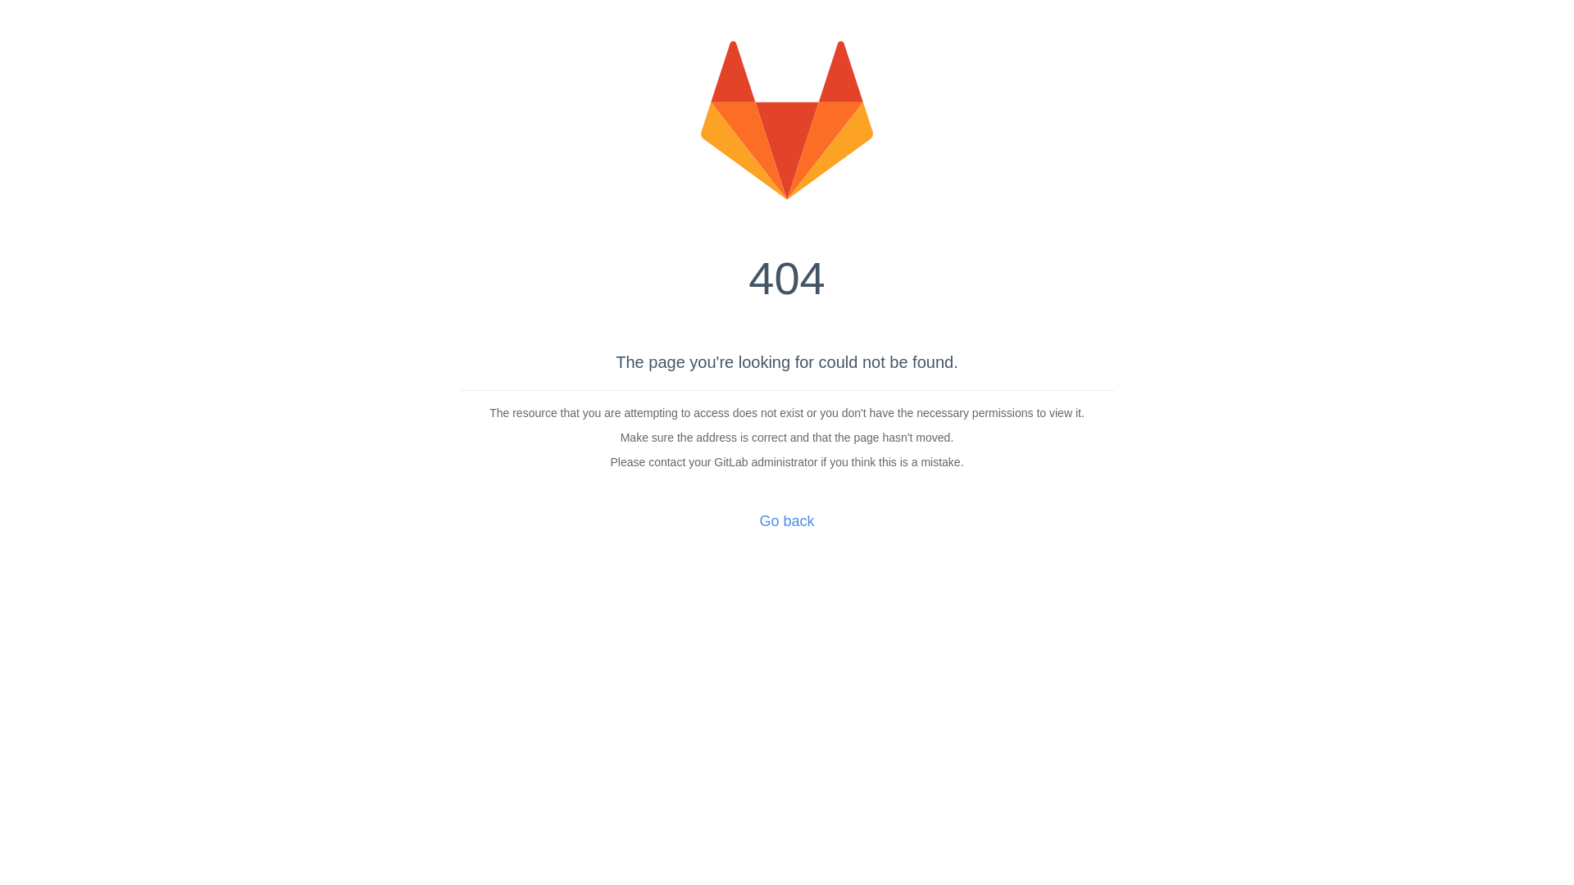  Describe the element at coordinates (785, 521) in the screenshot. I see `'Go back'` at that location.